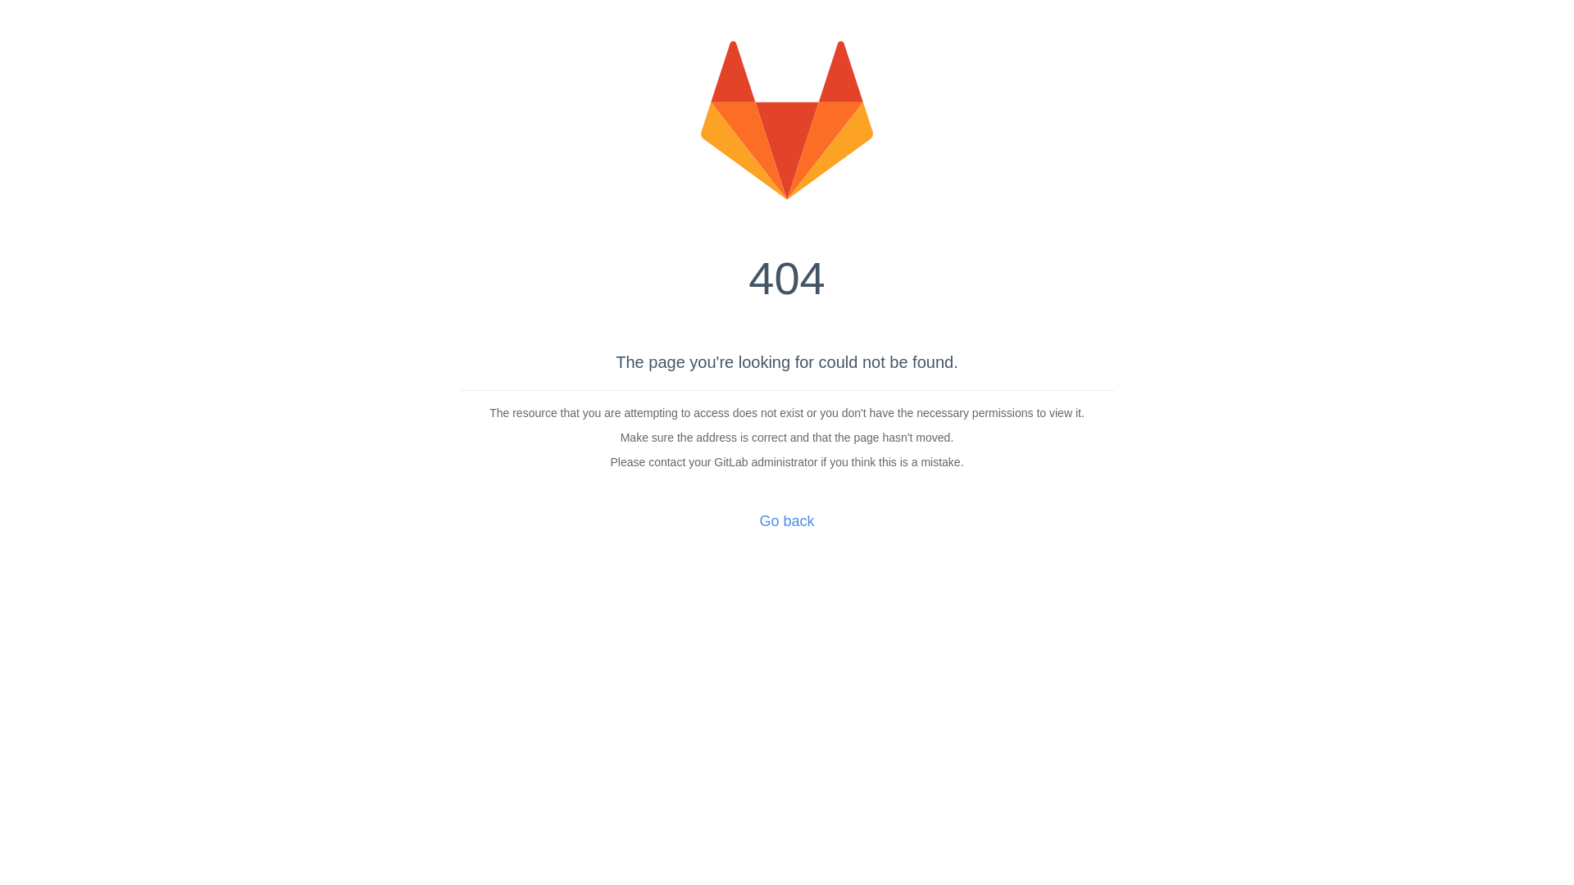  Describe the element at coordinates (785, 521) in the screenshot. I see `'Go back'` at that location.